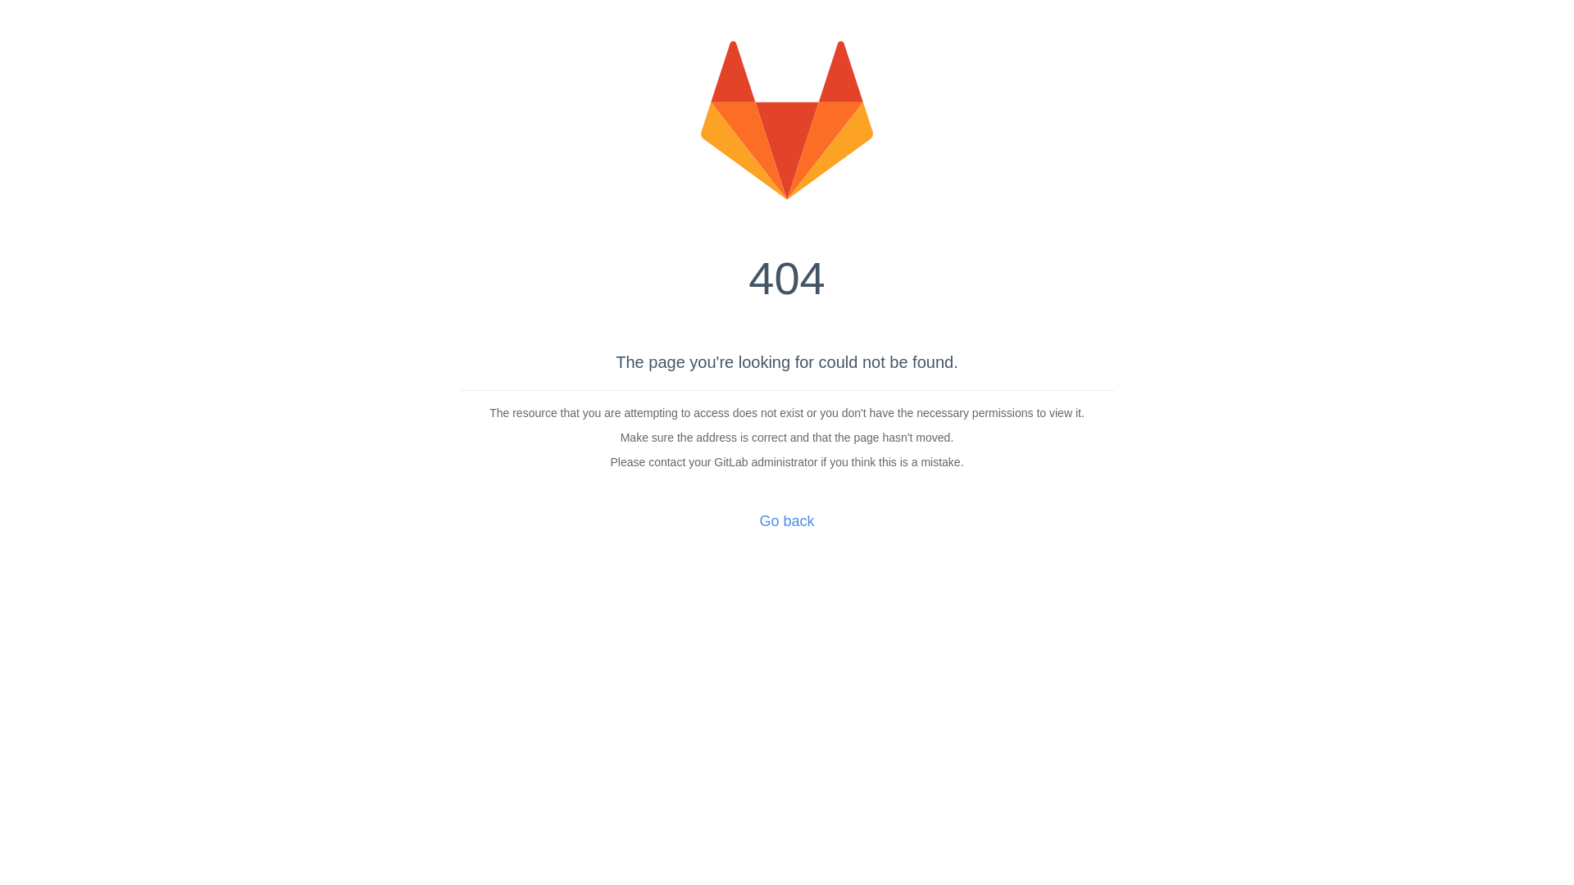  Describe the element at coordinates (785, 521) in the screenshot. I see `'Go back'` at that location.